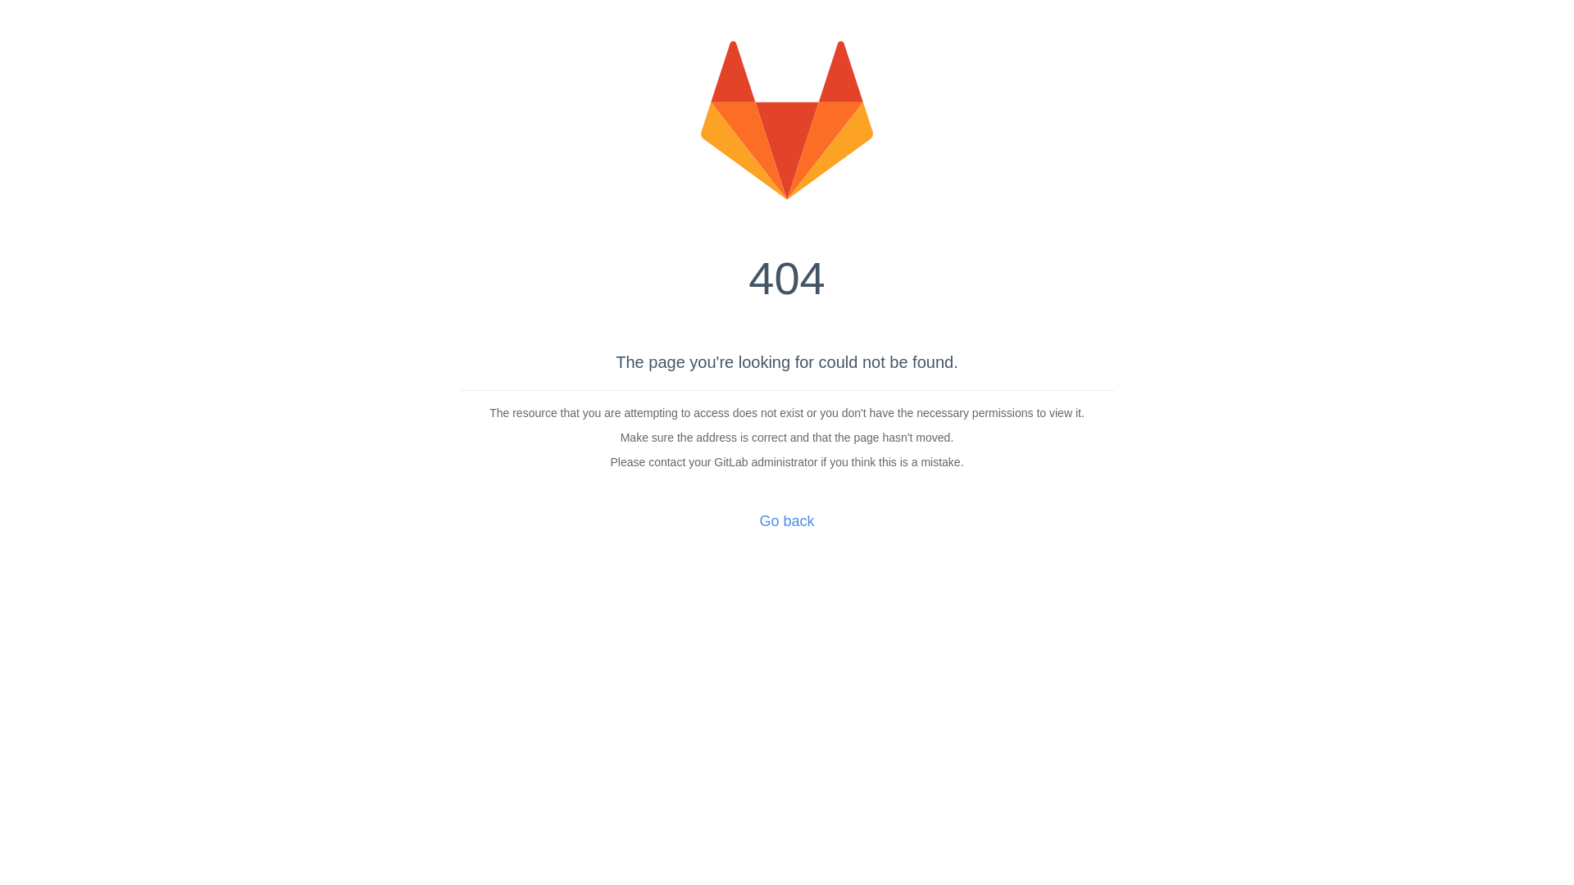  Describe the element at coordinates (785, 521) in the screenshot. I see `'Go back'` at that location.